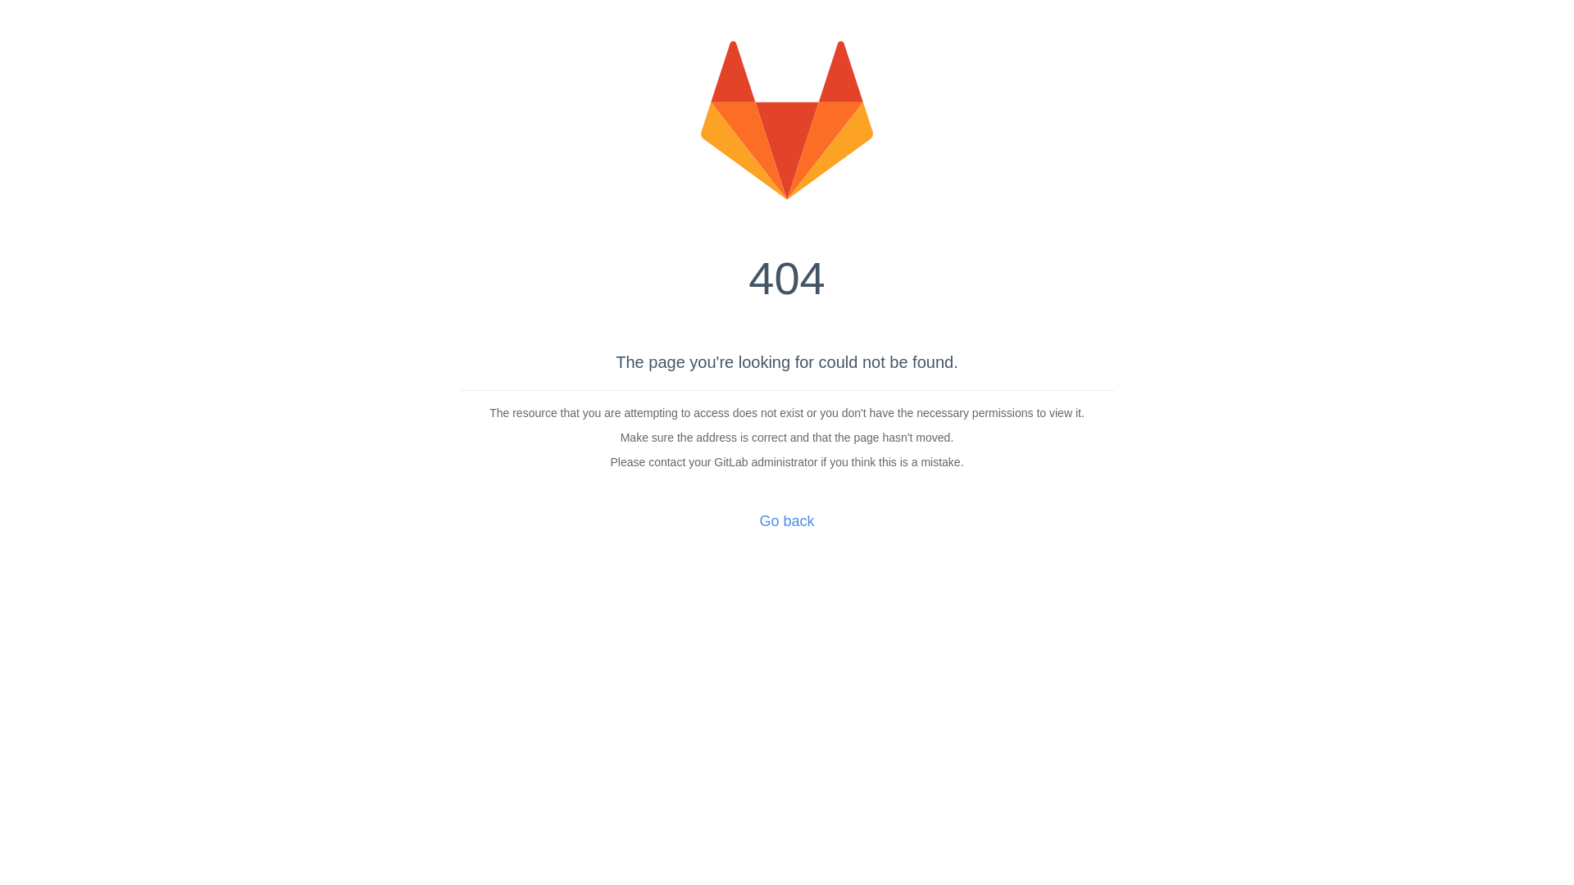  Describe the element at coordinates (785, 521) in the screenshot. I see `'Go back'` at that location.